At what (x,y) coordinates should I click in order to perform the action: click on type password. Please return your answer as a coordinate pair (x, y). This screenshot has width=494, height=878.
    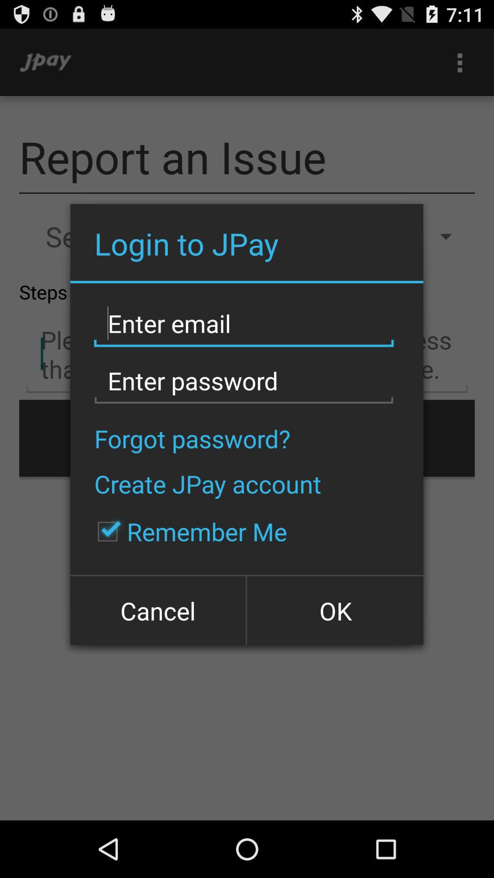
    Looking at the image, I should click on (243, 381).